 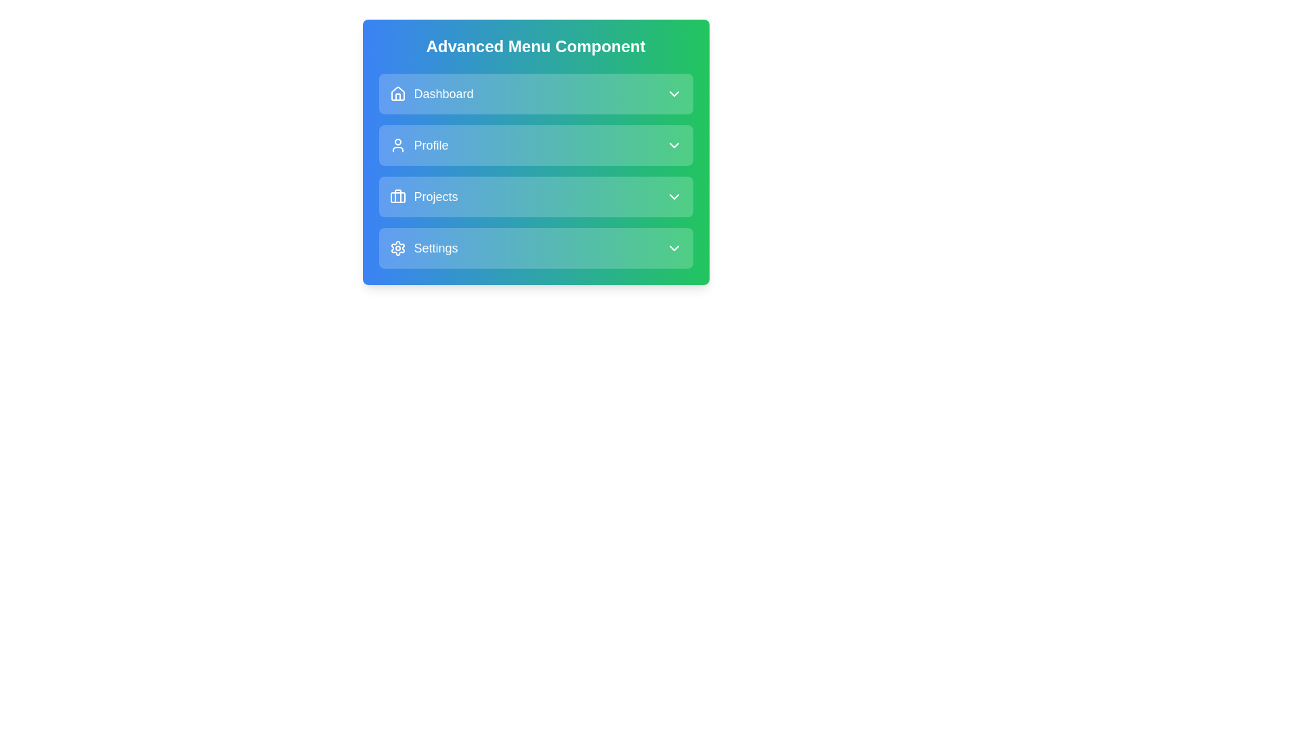 I want to click on the narrow vertical shape inside the briefcase icon located to the left of the 'Projects' text in the third list item of the vertically stacked menu, so click(x=397, y=196).